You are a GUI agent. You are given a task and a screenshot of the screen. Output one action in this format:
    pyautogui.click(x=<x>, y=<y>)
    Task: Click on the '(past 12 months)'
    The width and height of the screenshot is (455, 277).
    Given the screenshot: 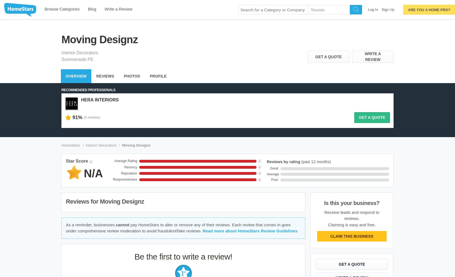 What is the action you would take?
    pyautogui.click(x=315, y=161)
    